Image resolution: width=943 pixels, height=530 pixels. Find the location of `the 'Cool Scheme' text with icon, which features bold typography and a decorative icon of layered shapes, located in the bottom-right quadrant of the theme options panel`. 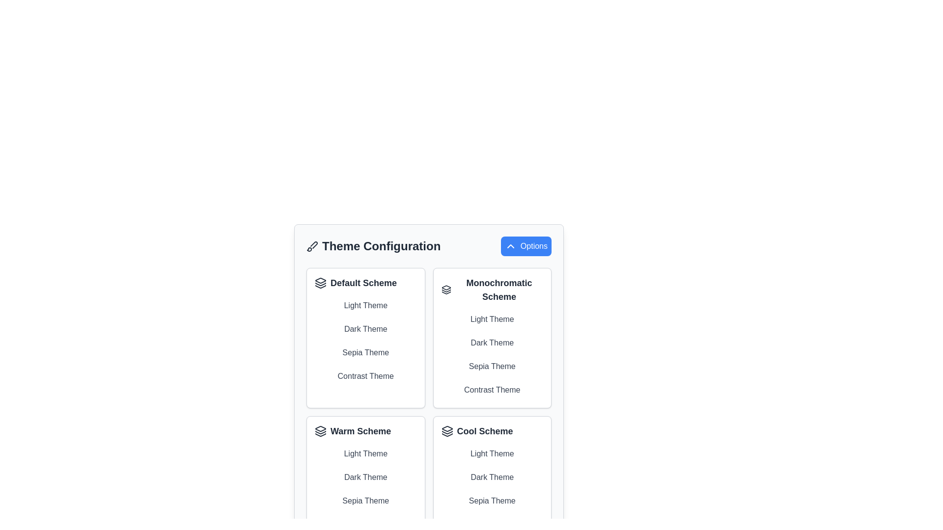

the 'Cool Scheme' text with icon, which features bold typography and a decorative icon of layered shapes, located in the bottom-right quadrant of the theme options panel is located at coordinates (492, 431).